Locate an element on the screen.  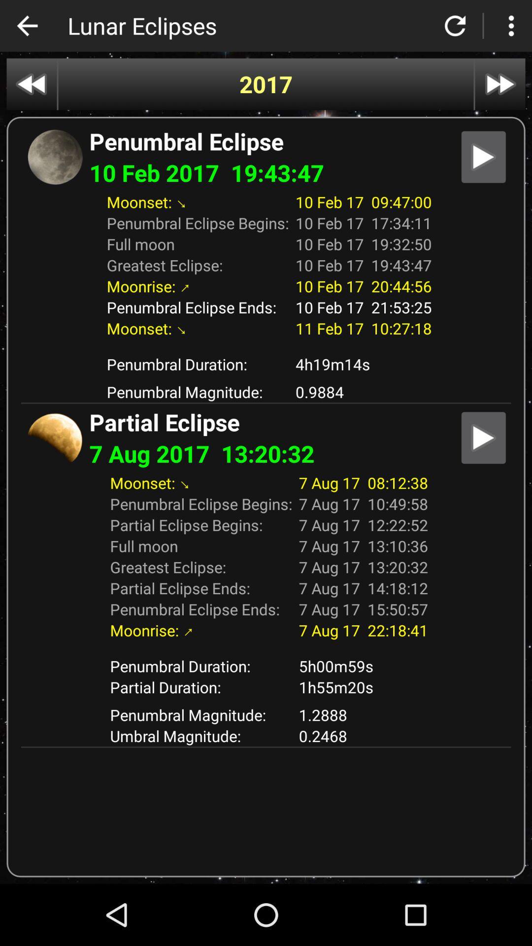
the icon to the left of the 1.2888 is located at coordinates (200, 736).